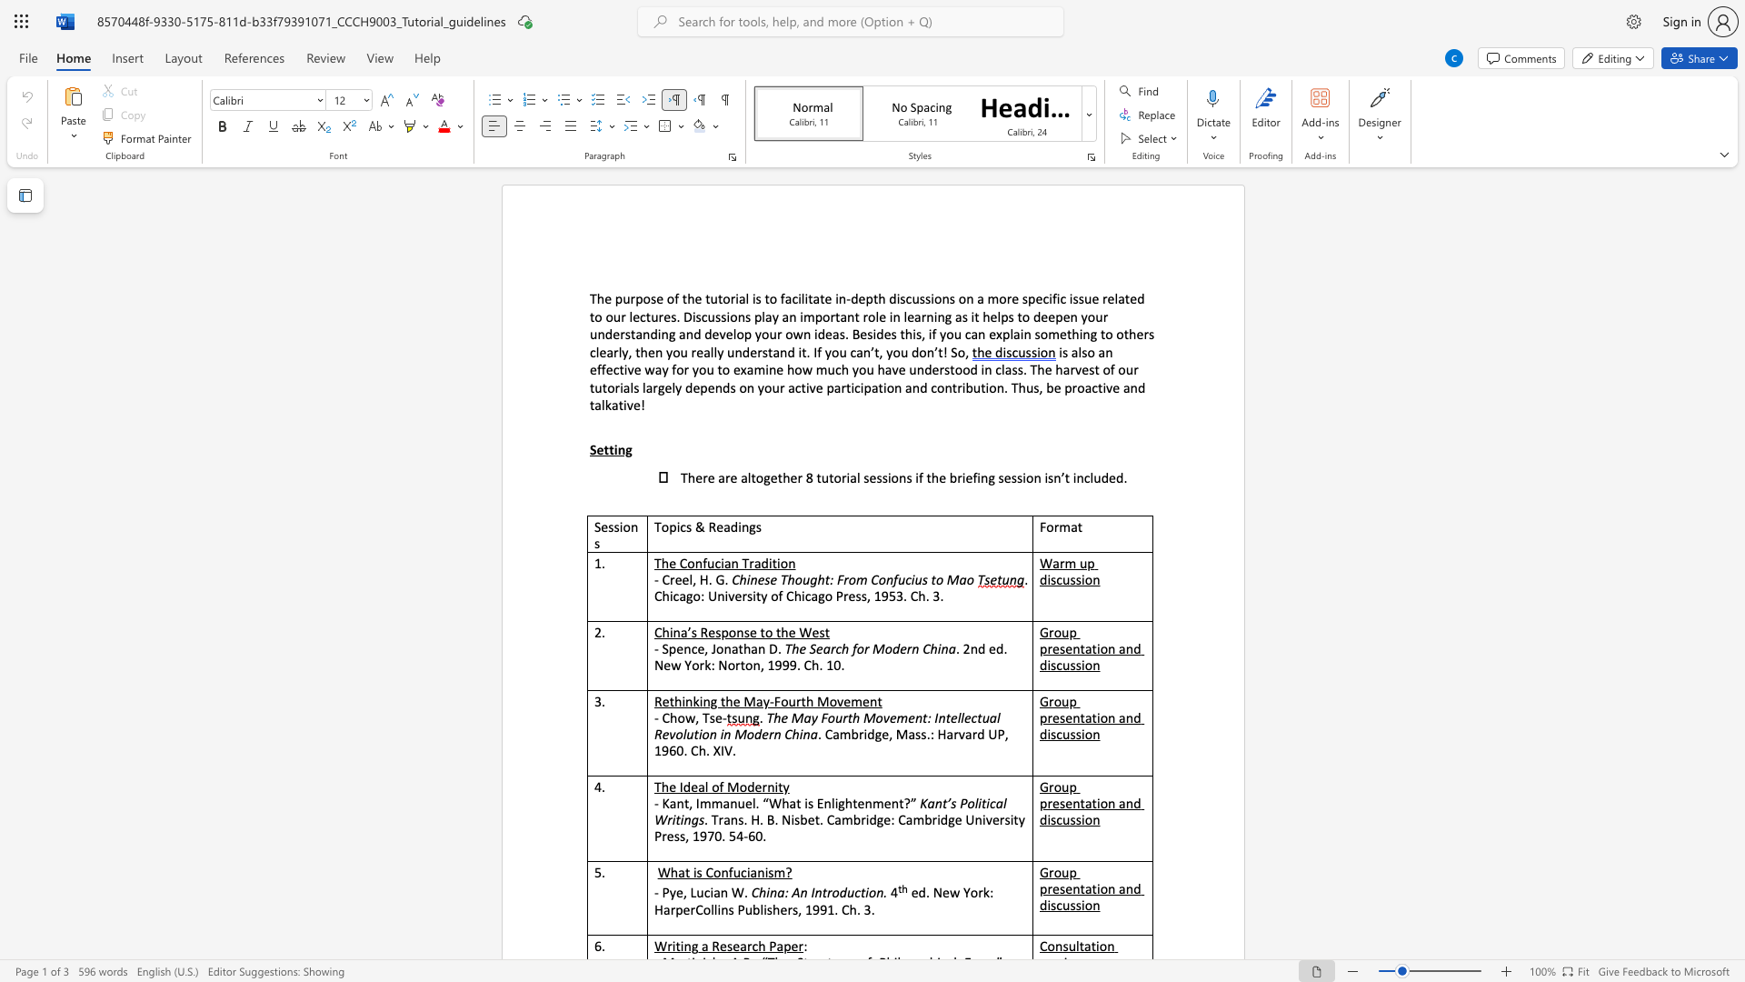 Image resolution: width=1745 pixels, height=982 pixels. I want to click on the subset text "ins Pub" within the text "HarperCollins Publishers, 1991. Ch. 3.", so click(716, 909).